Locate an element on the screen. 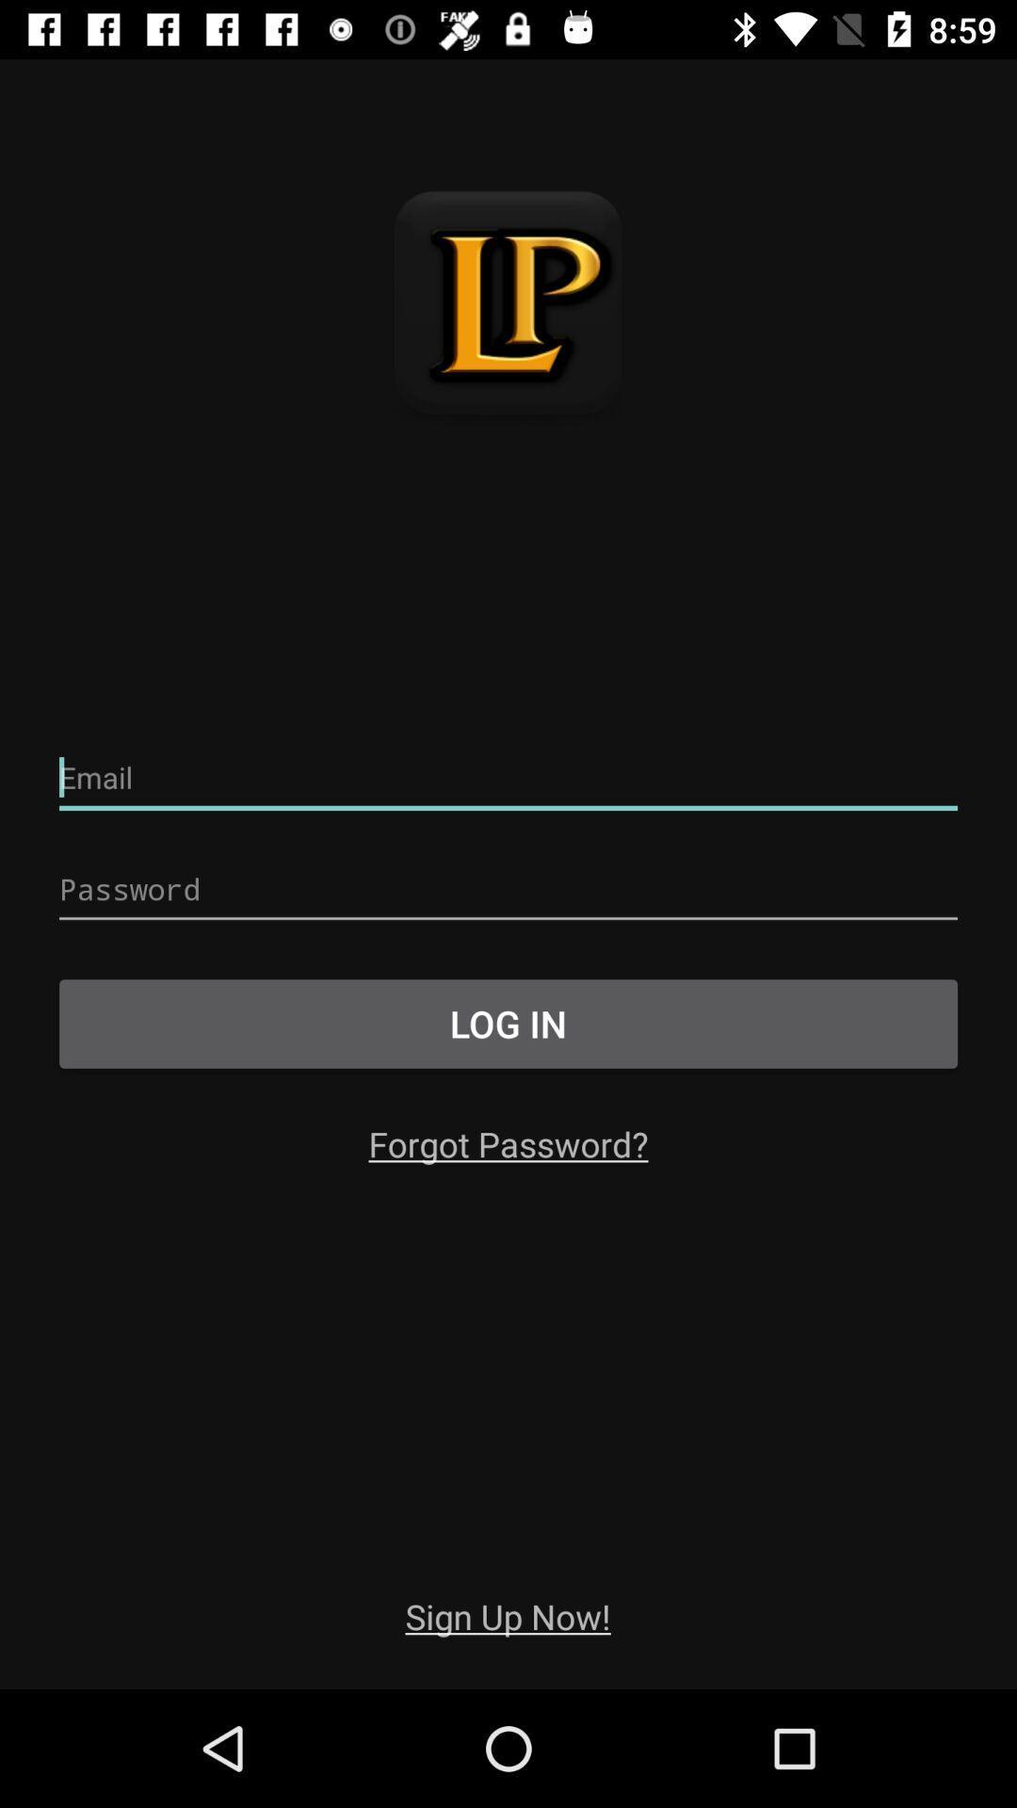 This screenshot has width=1017, height=1808. app below forgot password? is located at coordinates (507, 1615).